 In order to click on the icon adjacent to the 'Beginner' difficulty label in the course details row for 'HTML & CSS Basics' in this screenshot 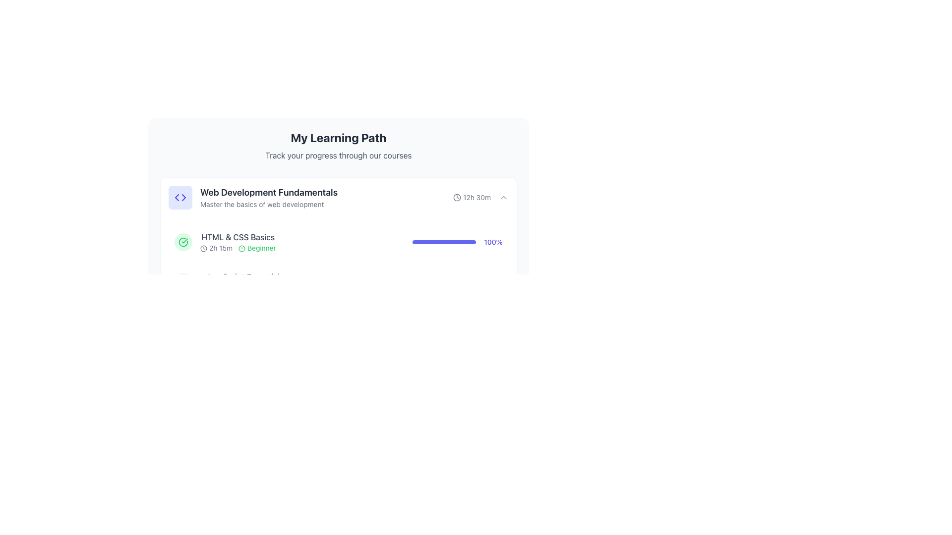, I will do `click(257, 248)`.